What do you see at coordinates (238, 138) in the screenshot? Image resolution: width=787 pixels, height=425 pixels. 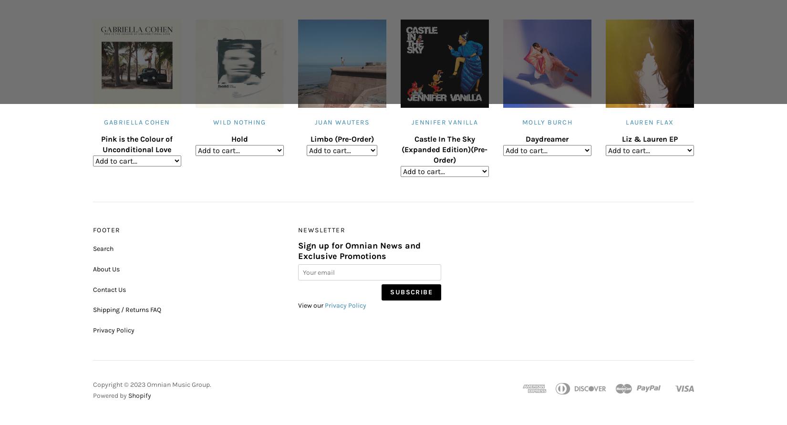 I see `'Hold'` at bounding box center [238, 138].